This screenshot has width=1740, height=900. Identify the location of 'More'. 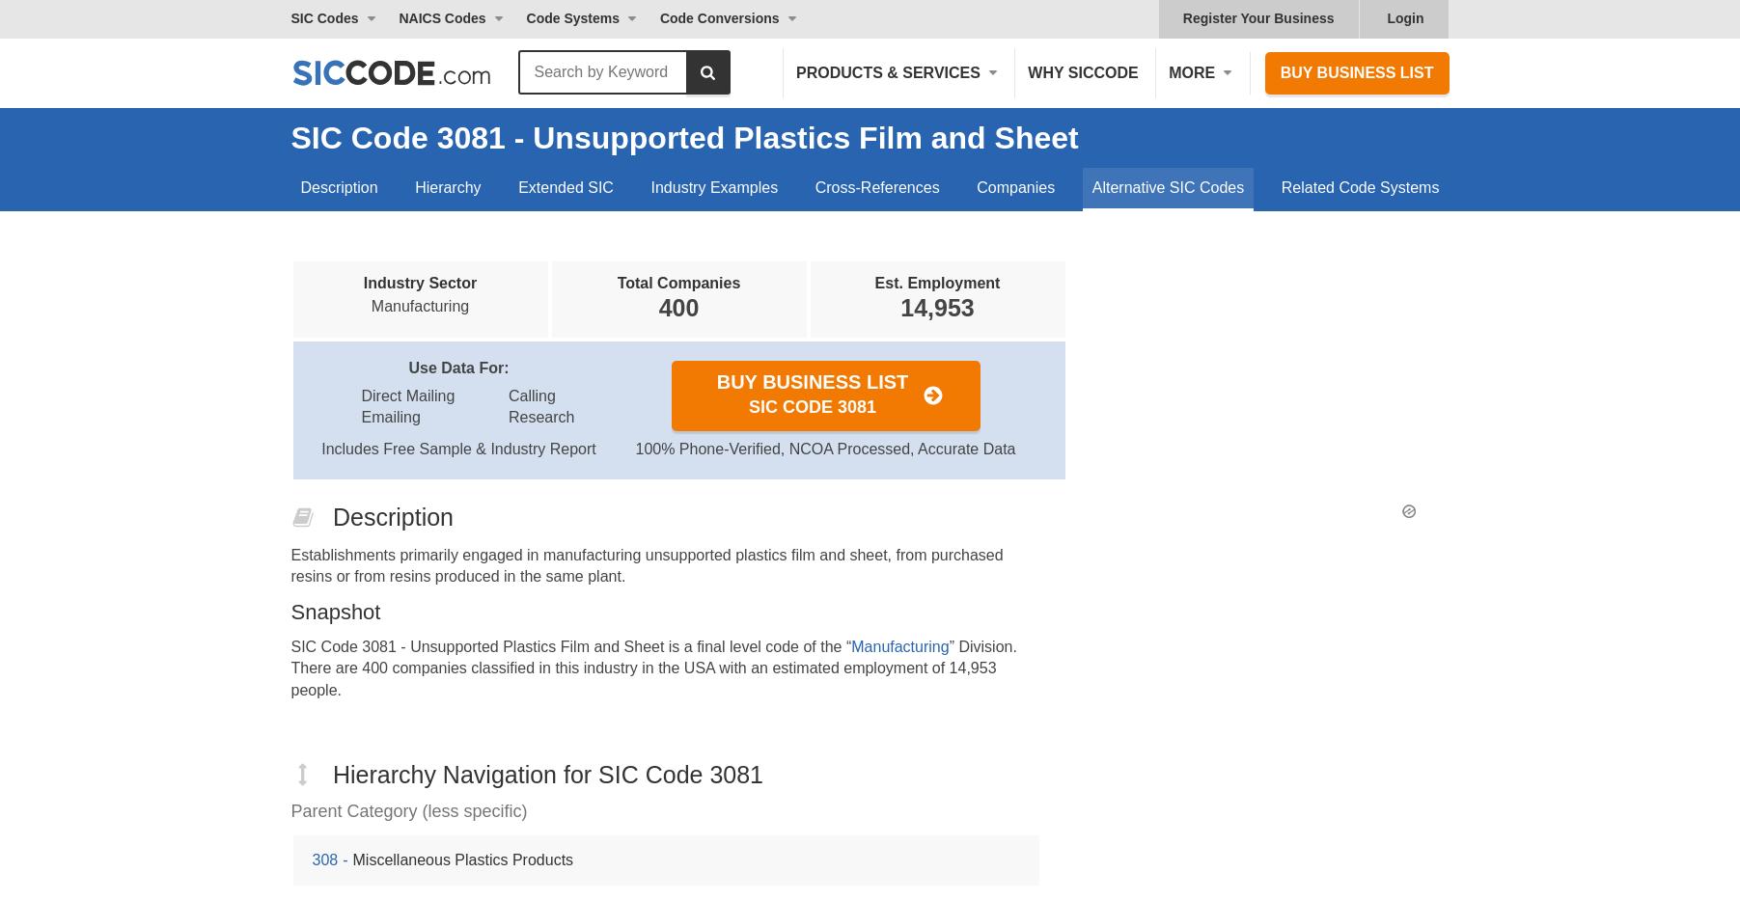
(1192, 71).